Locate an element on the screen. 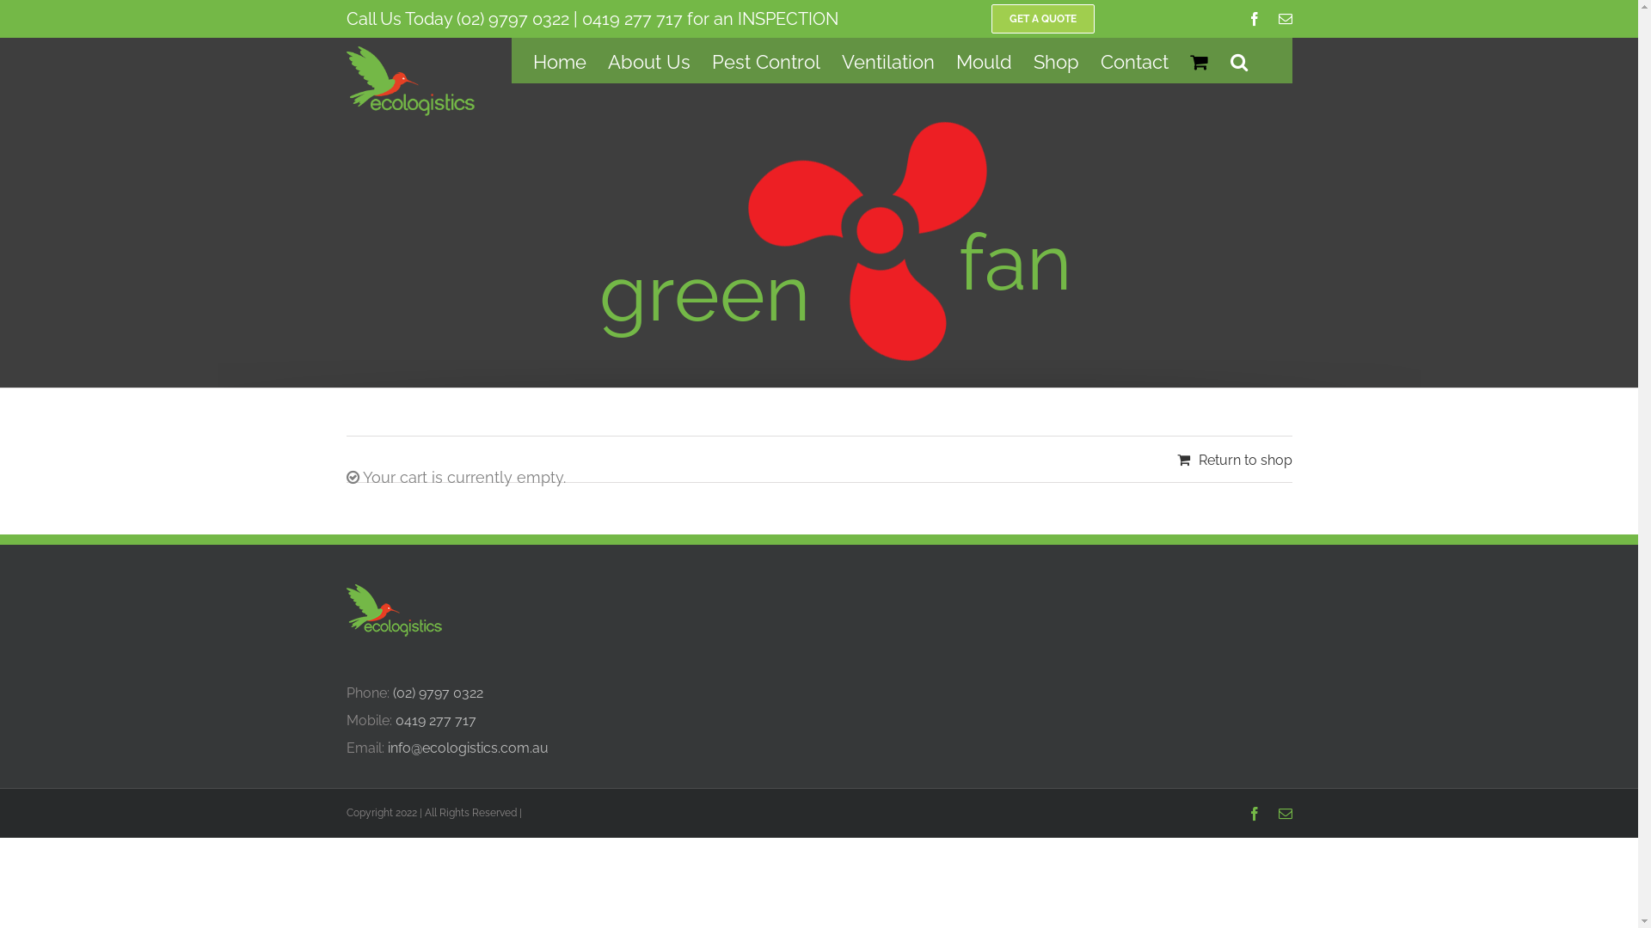  'Email' is located at coordinates (1278, 813).